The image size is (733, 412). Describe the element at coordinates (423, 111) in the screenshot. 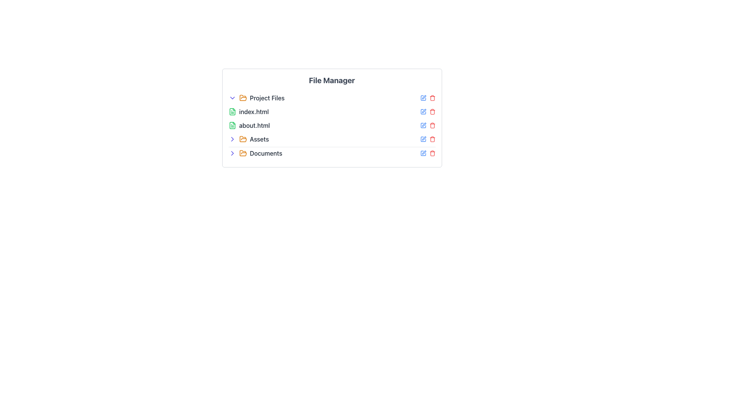

I see `the icon button with a pen icon located in the toolbar next to the 'index.html' file` at that location.